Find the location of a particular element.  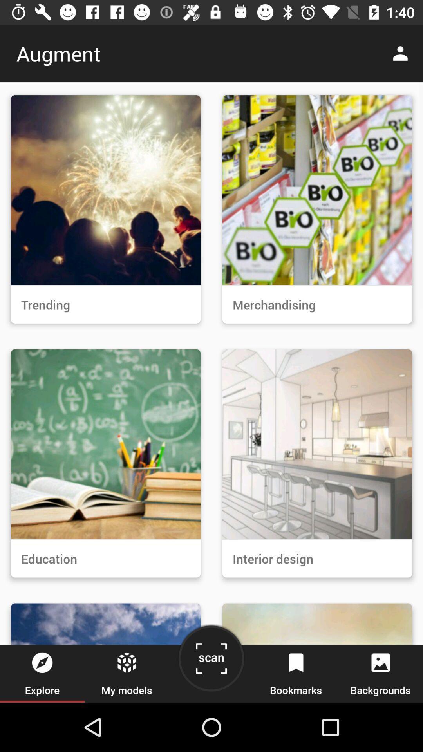

the item next to augment icon is located at coordinates (402, 53).